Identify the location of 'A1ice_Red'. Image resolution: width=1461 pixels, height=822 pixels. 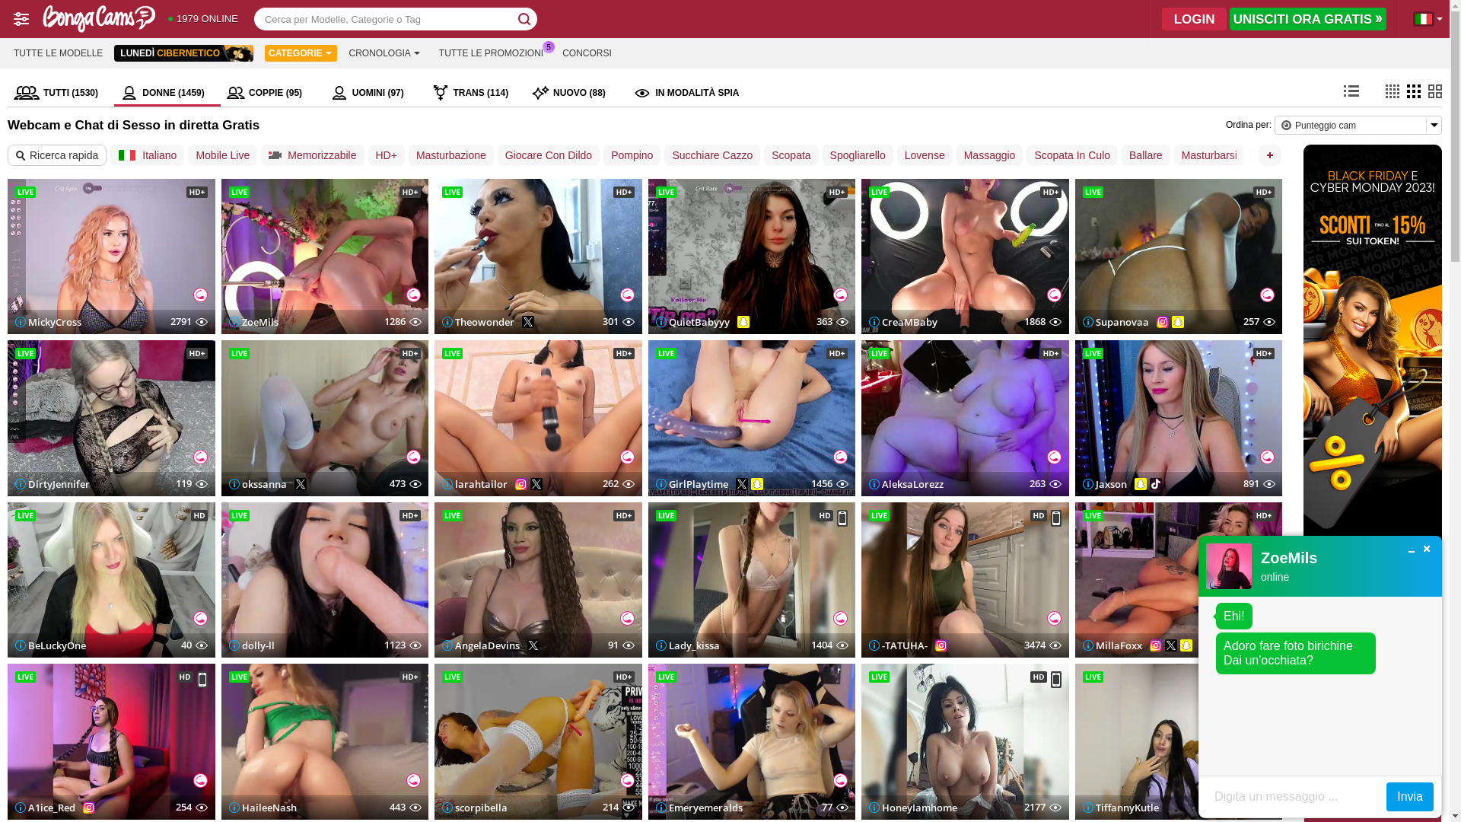
(45, 806).